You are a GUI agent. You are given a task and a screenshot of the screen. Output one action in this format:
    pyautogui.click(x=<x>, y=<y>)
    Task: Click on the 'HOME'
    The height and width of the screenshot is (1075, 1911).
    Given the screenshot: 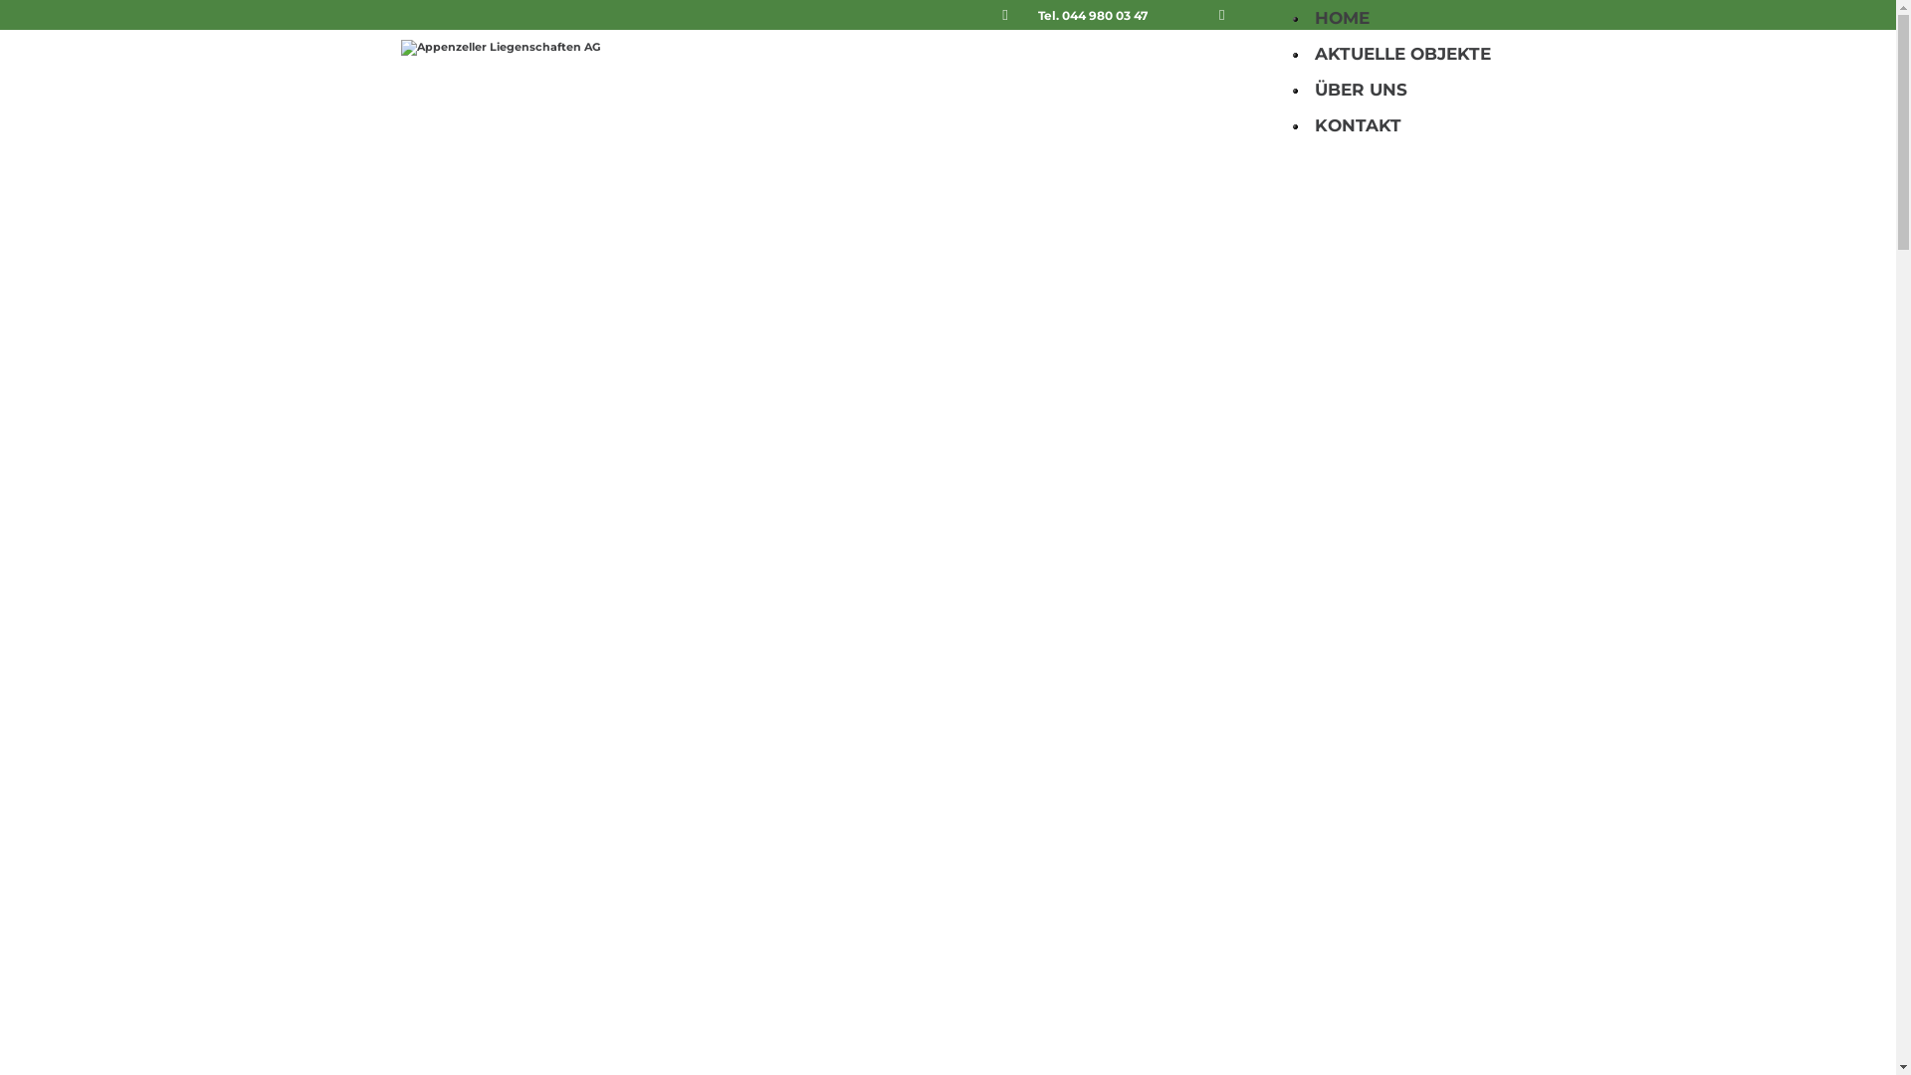 What is the action you would take?
    pyautogui.click(x=1341, y=18)
    